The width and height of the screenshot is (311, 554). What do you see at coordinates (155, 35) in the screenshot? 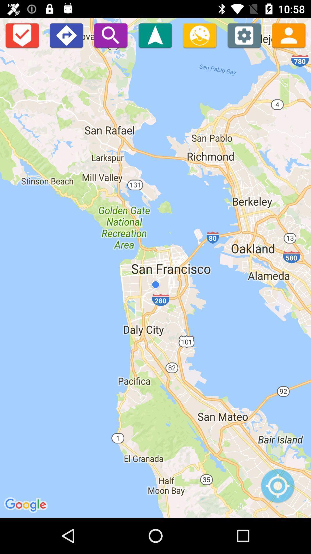
I see `directions to location` at bounding box center [155, 35].